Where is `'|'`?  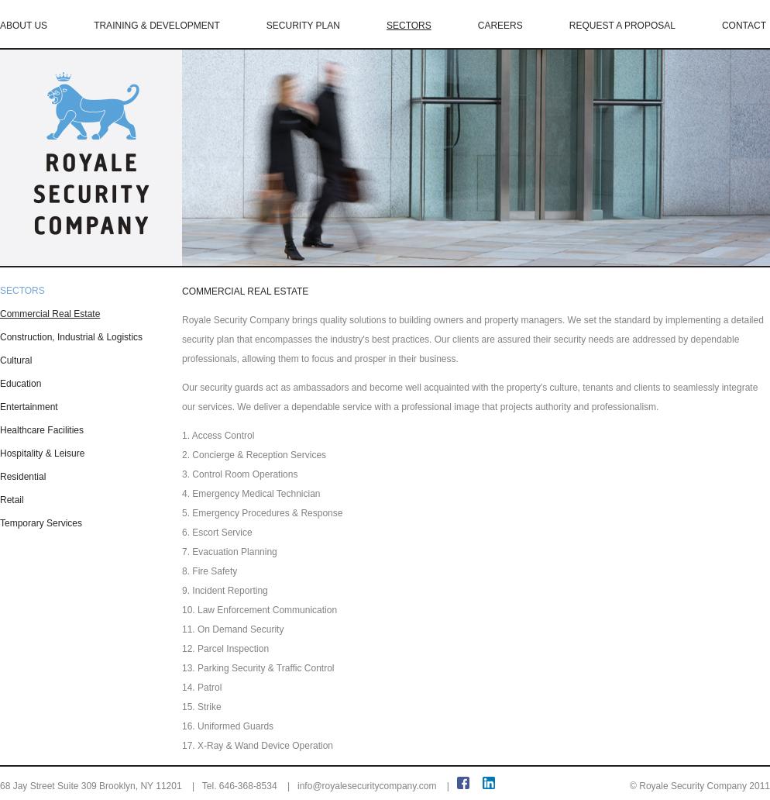 '|' is located at coordinates (446, 785).